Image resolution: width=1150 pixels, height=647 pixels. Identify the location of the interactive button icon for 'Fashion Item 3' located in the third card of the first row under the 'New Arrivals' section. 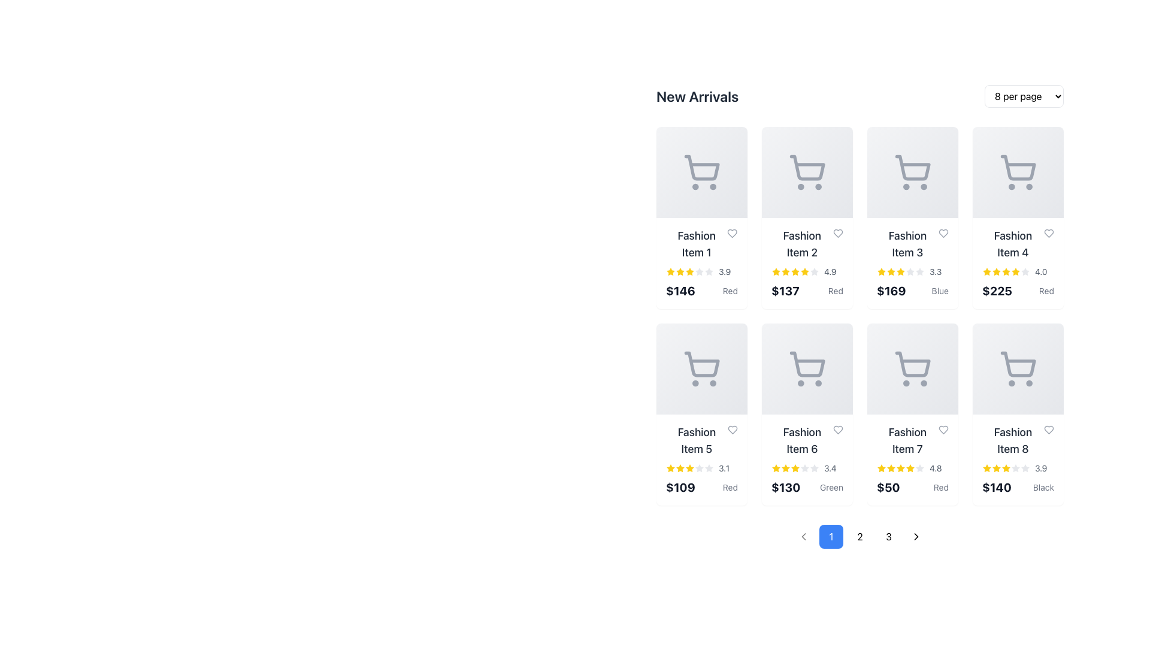
(912, 173).